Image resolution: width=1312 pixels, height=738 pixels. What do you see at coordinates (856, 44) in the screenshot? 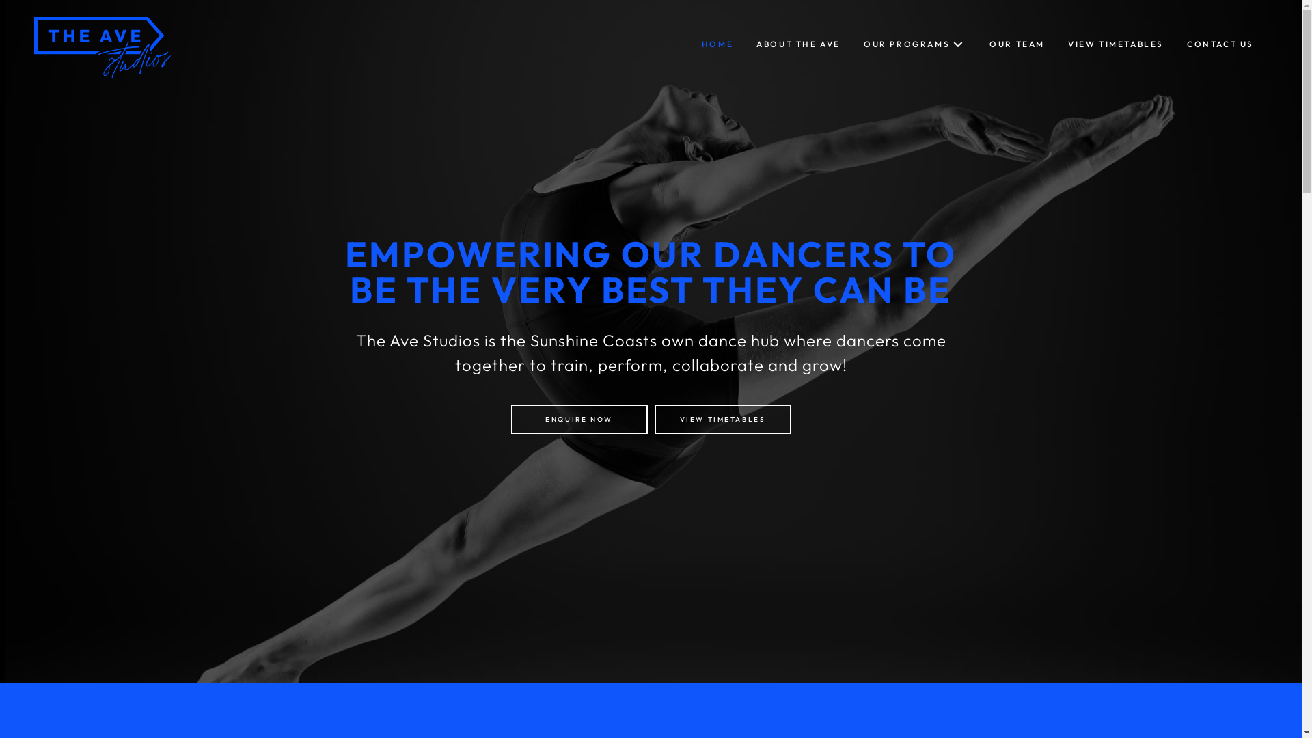
I see `'OUR PROGRAMS'` at bounding box center [856, 44].